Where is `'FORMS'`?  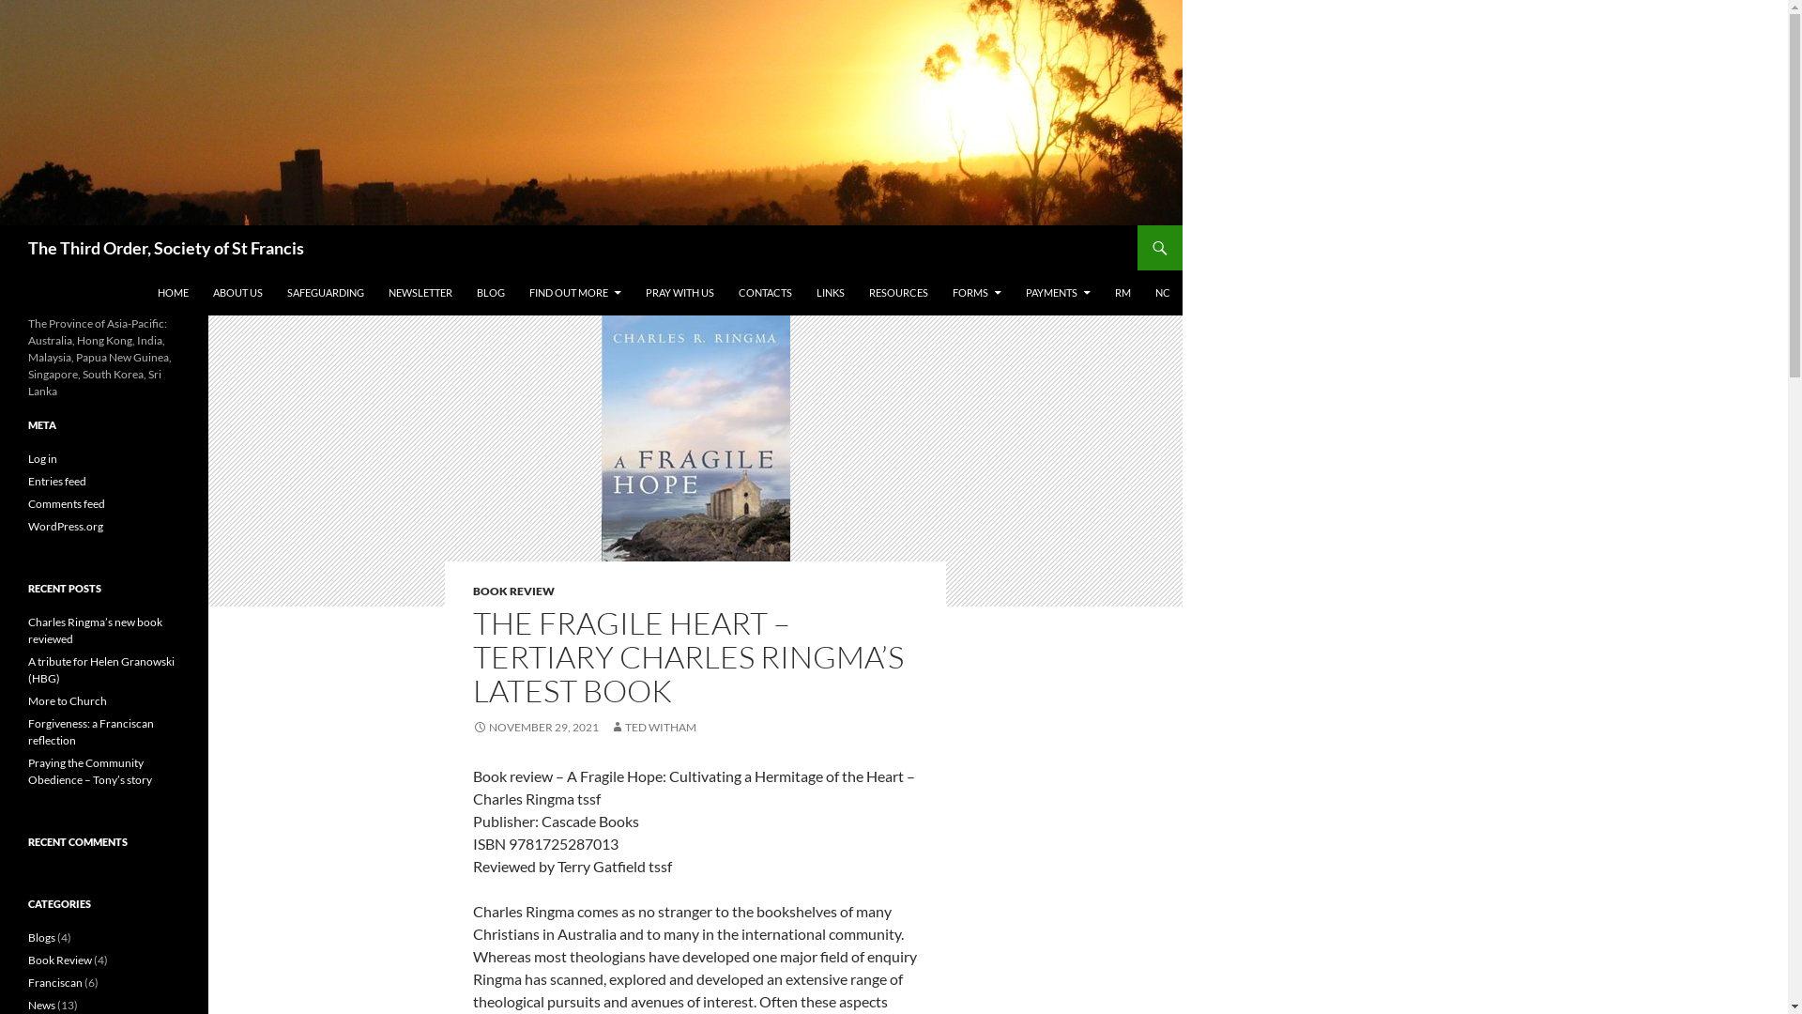
'FORMS' is located at coordinates (941, 293).